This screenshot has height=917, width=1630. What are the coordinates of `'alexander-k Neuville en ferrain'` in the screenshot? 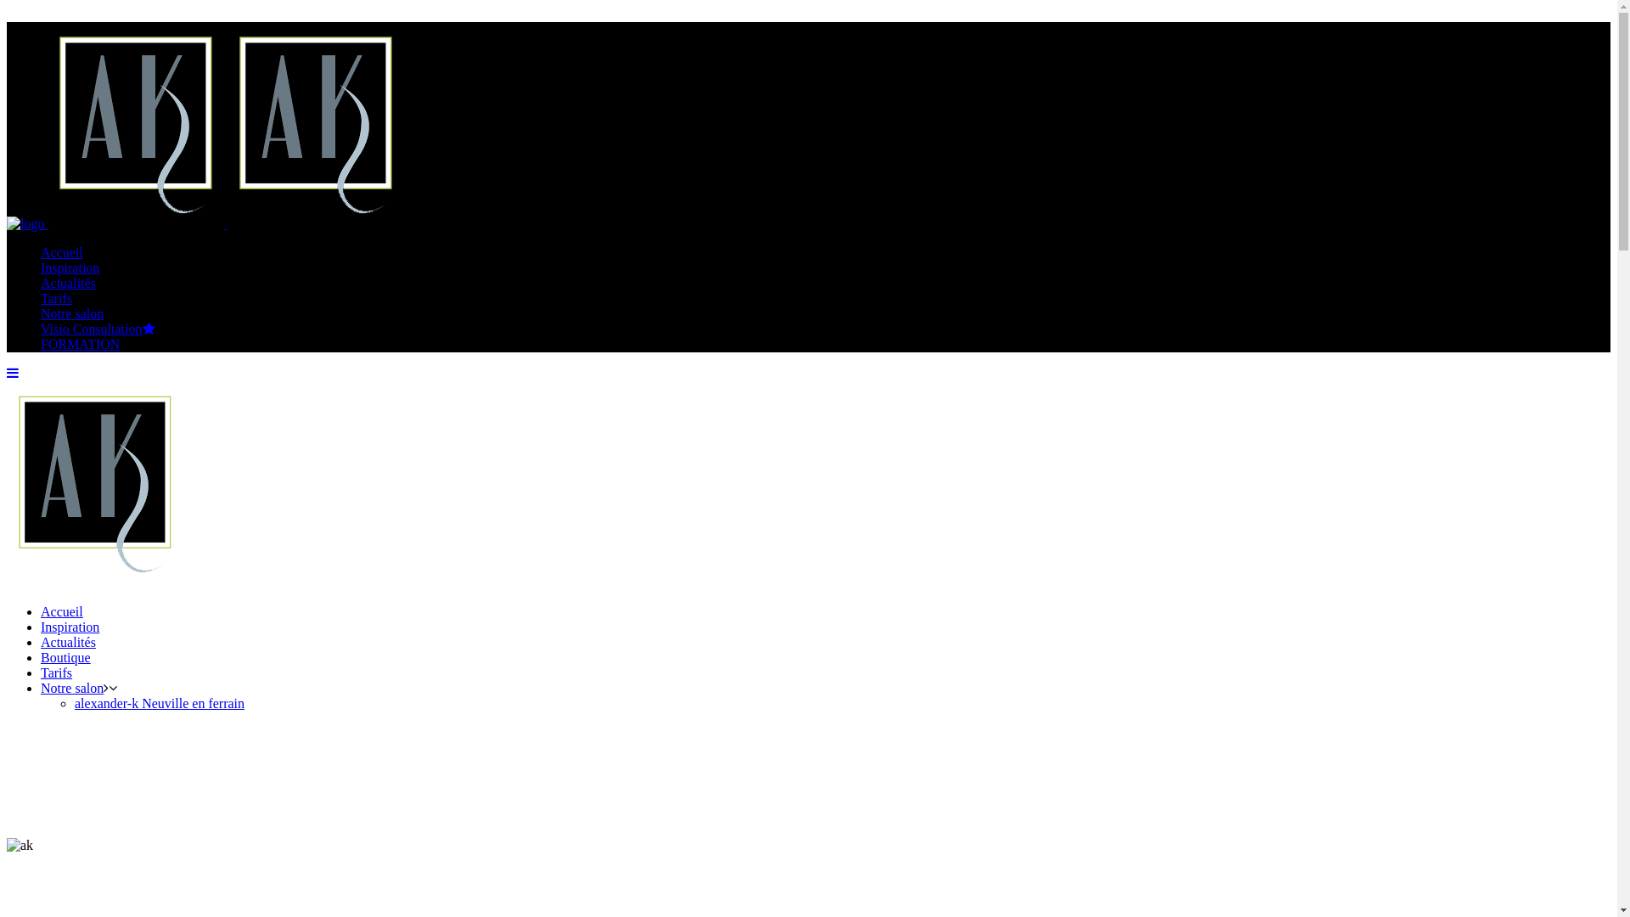 It's located at (159, 703).